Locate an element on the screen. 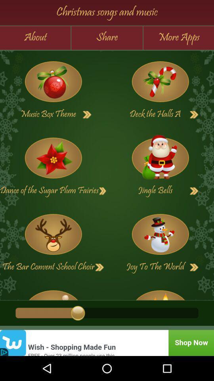  next button is located at coordinates (103, 190).